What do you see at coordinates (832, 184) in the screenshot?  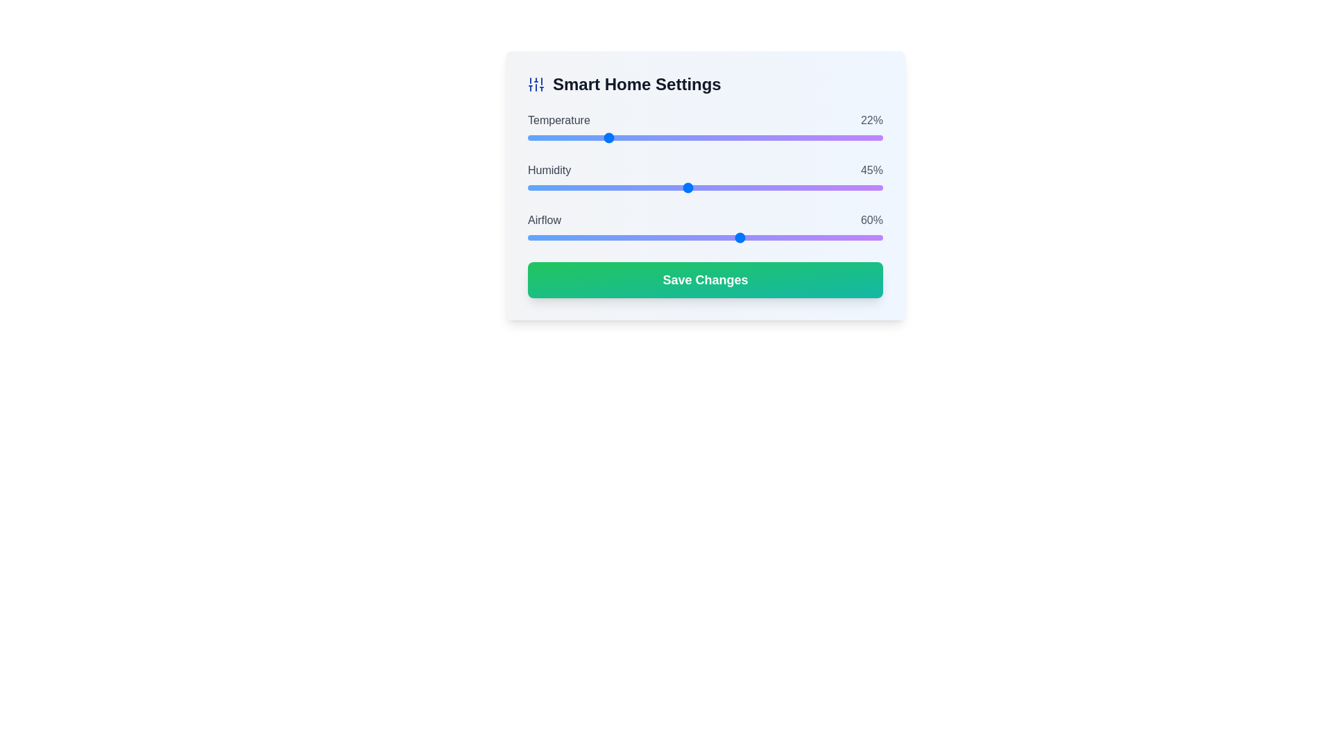 I see `the humidity level` at bounding box center [832, 184].